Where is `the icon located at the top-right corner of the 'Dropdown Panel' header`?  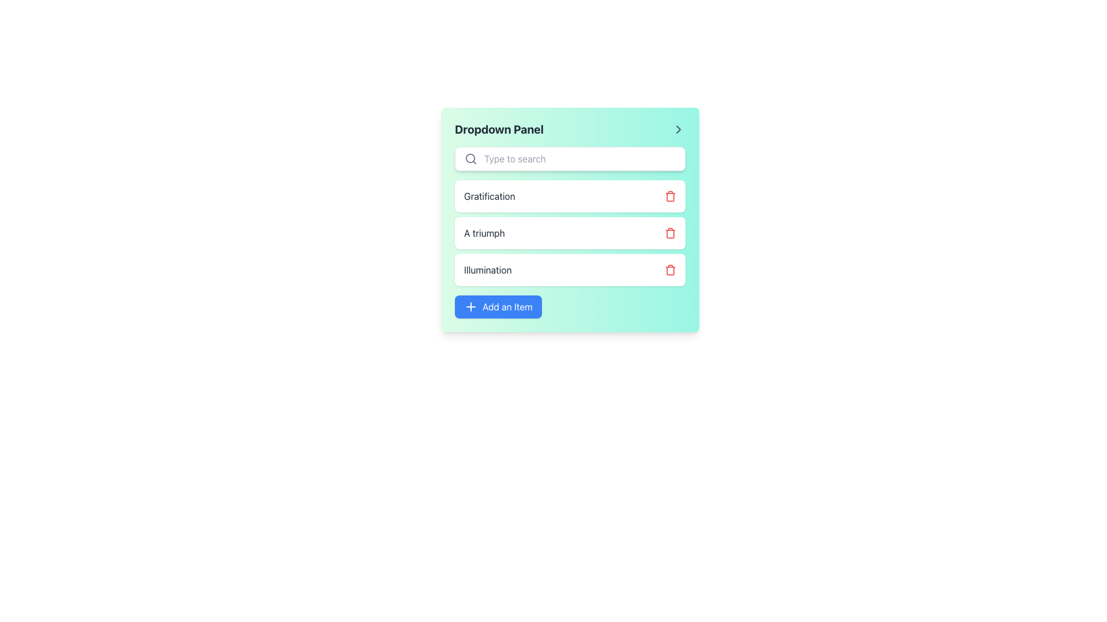 the icon located at the top-right corner of the 'Dropdown Panel' header is located at coordinates (678, 129).